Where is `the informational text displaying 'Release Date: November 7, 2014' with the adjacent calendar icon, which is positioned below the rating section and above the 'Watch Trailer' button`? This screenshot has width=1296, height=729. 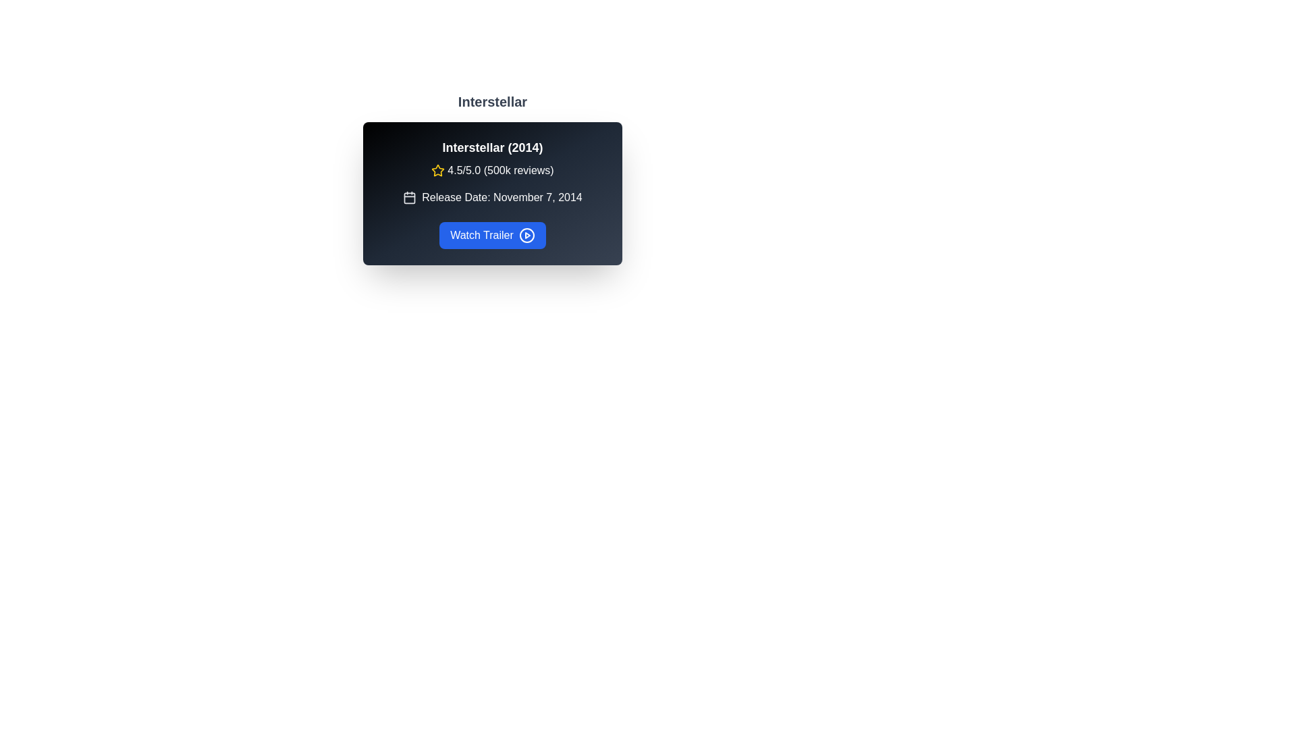
the informational text displaying 'Release Date: November 7, 2014' with the adjacent calendar icon, which is positioned below the rating section and above the 'Watch Trailer' button is located at coordinates (491, 198).